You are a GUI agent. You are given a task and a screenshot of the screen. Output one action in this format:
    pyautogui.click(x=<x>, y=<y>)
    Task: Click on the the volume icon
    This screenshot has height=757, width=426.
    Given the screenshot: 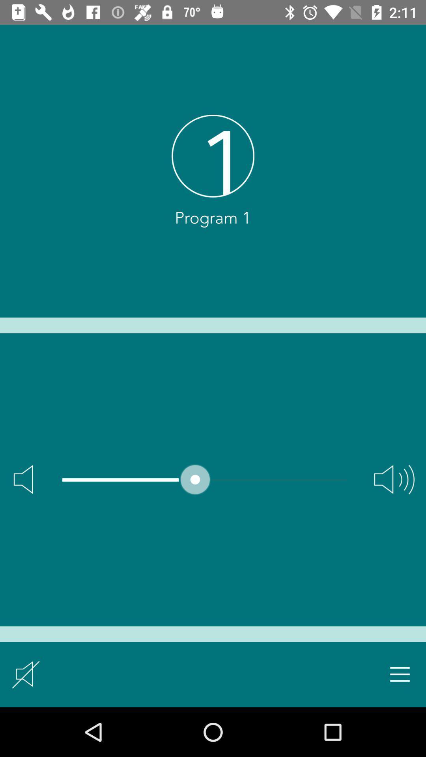 What is the action you would take?
    pyautogui.click(x=394, y=479)
    